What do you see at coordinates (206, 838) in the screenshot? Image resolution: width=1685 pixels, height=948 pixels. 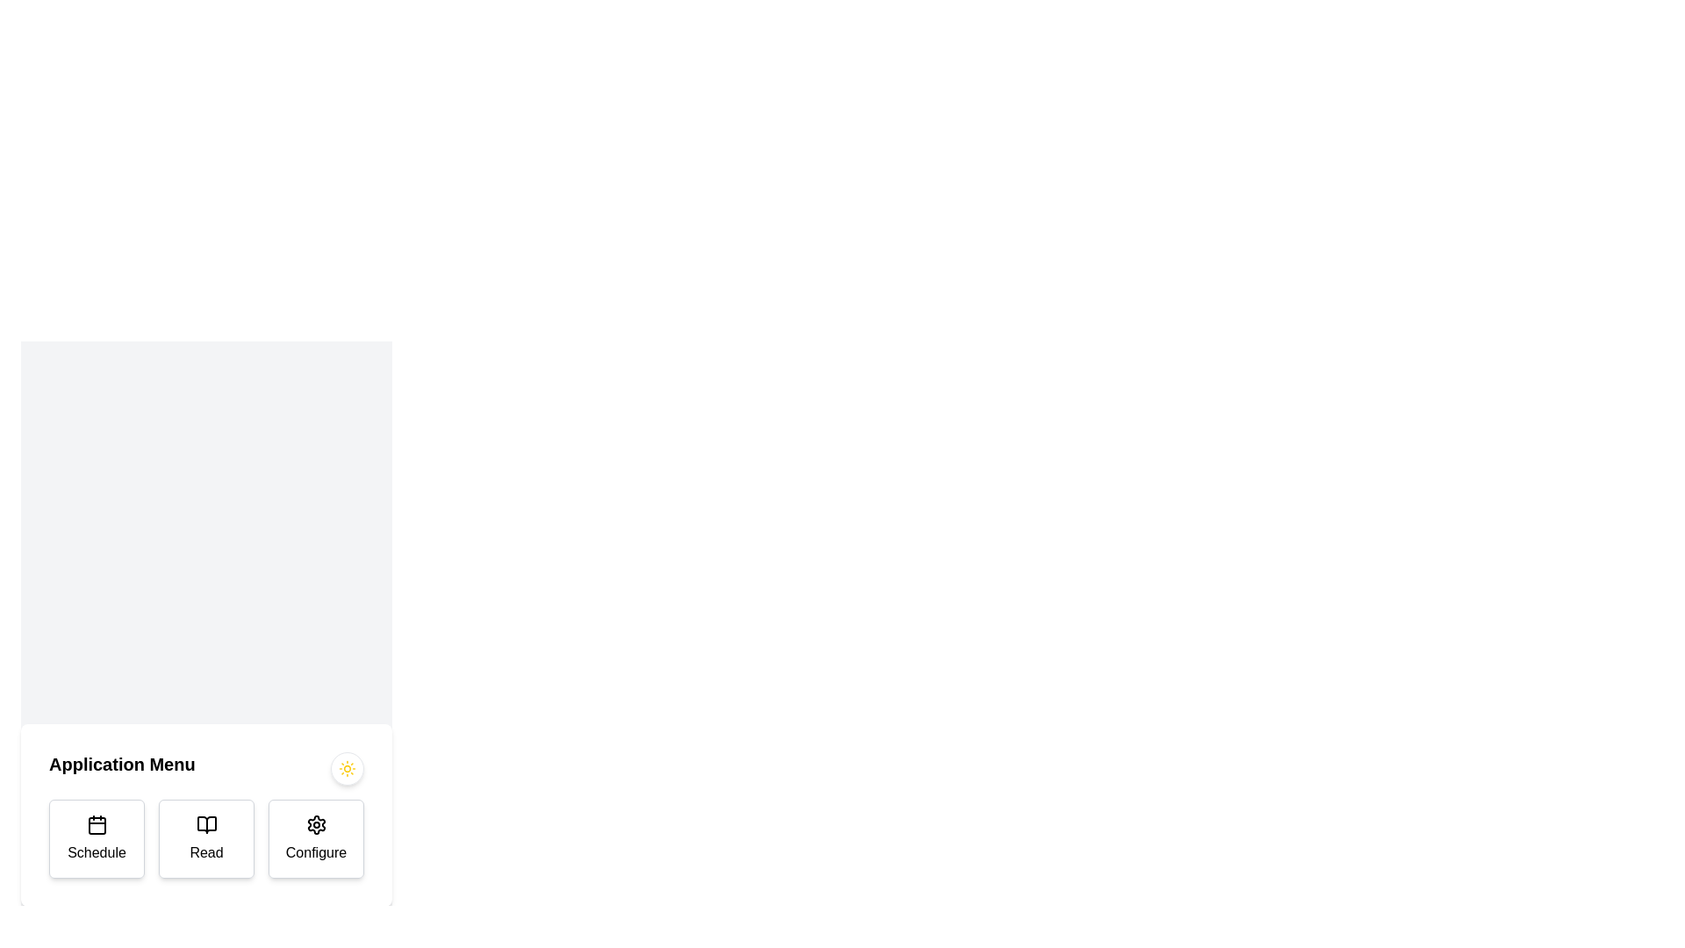 I see `the 'Read' button, which is a square button with an open book icon and the label 'Read', located between the 'Schedule' and 'Configure' buttons` at bounding box center [206, 838].